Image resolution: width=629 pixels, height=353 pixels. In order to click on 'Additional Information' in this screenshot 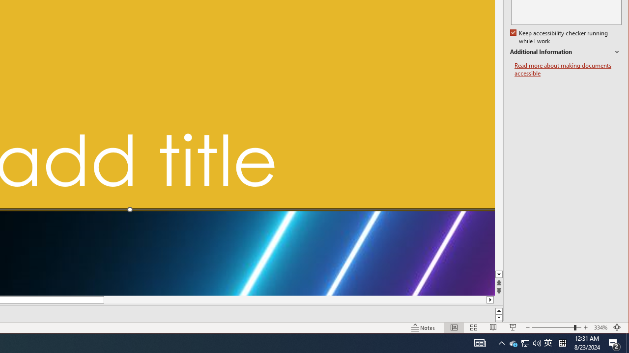, I will do `click(566, 52)`.